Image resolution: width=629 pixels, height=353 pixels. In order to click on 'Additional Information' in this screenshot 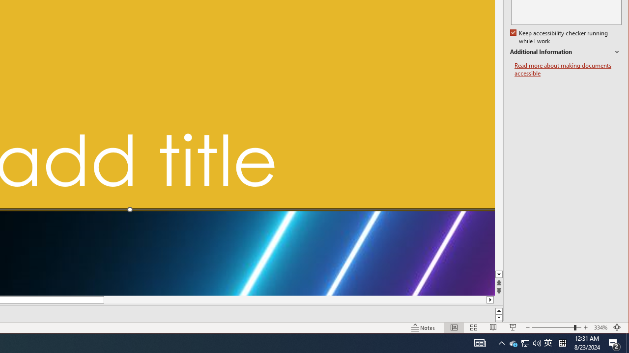, I will do `click(566, 52)`.